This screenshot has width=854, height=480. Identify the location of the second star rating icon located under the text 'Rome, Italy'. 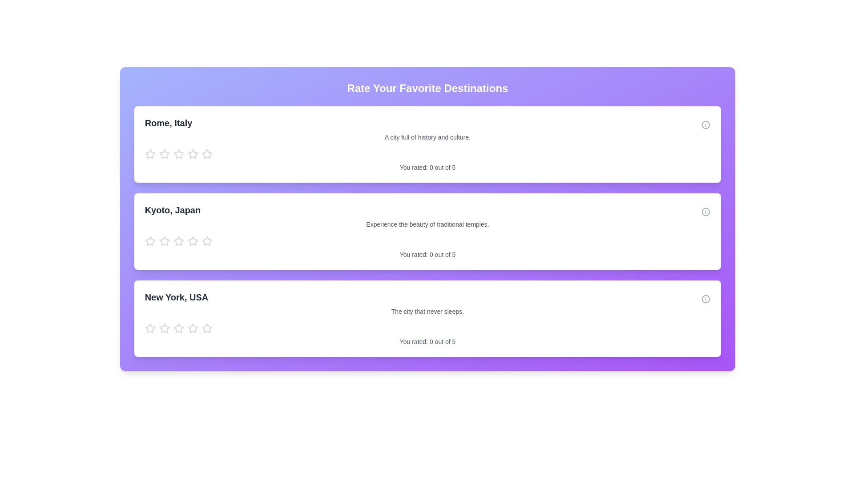
(192, 153).